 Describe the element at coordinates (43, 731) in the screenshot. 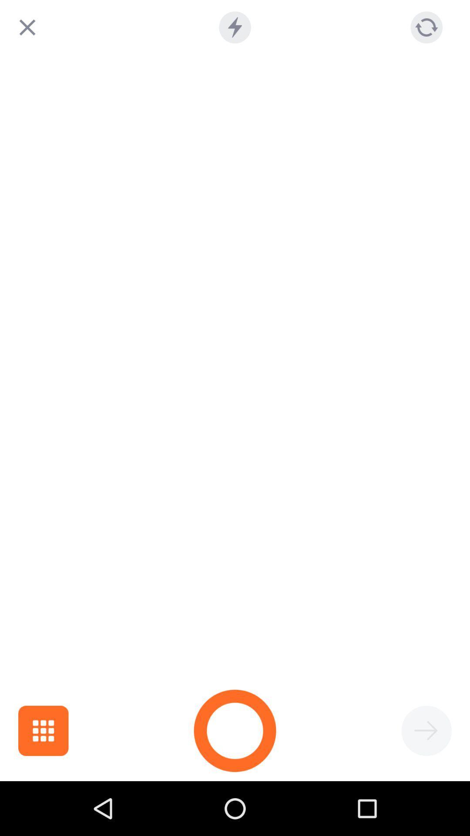

I see `the item at the bottom left corner` at that location.